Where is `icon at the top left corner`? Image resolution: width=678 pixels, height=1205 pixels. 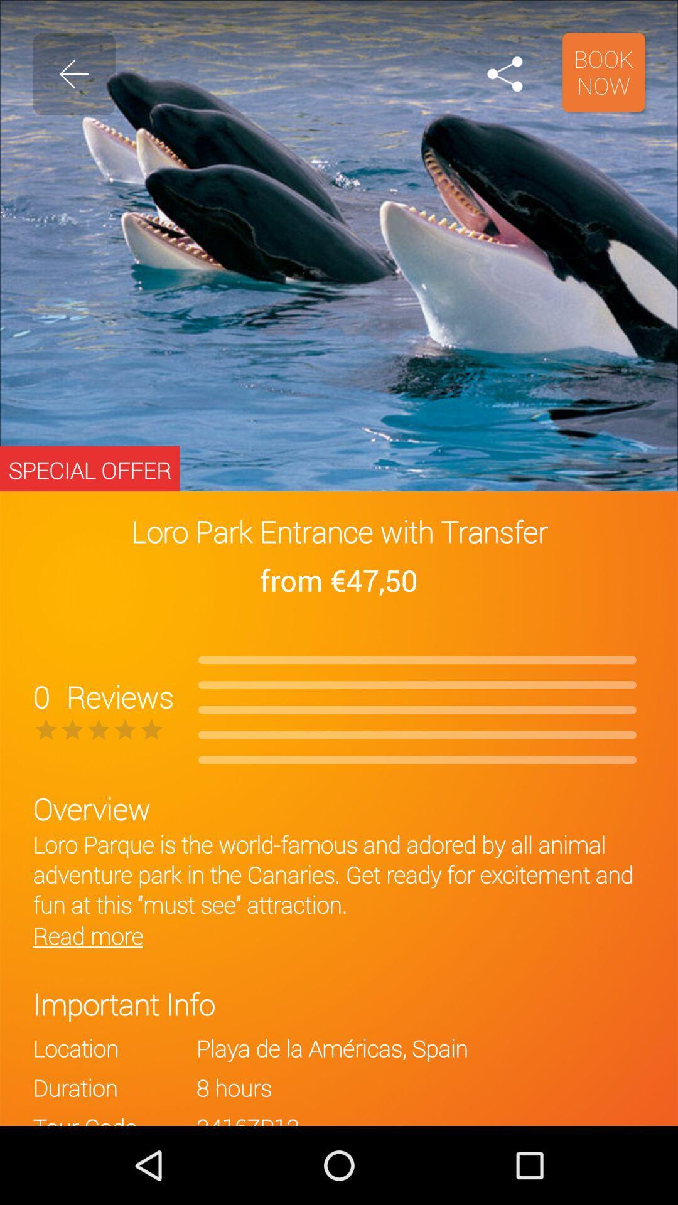 icon at the top left corner is located at coordinates (74, 73).